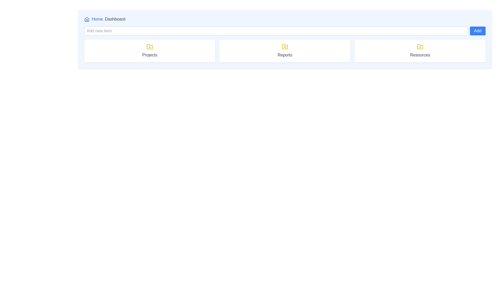 Image resolution: width=501 pixels, height=281 pixels. I want to click on the 'Projects' text label, which displays the text in gray below a yellow folder icon, located in the lower central part of a white card with a faint shadow, so click(150, 55).